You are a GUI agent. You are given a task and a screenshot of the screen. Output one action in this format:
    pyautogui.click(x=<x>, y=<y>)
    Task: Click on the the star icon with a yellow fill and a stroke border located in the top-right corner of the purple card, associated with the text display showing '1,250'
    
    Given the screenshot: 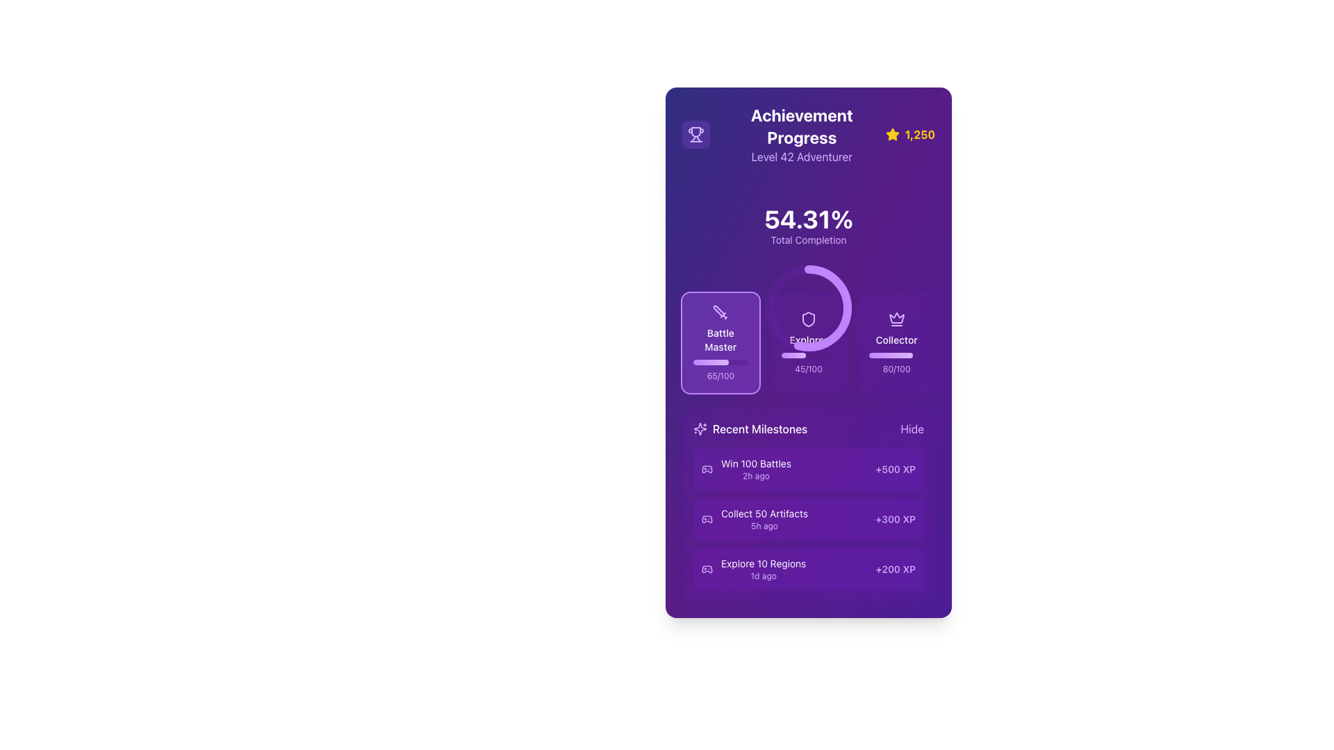 What is the action you would take?
    pyautogui.click(x=892, y=134)
    